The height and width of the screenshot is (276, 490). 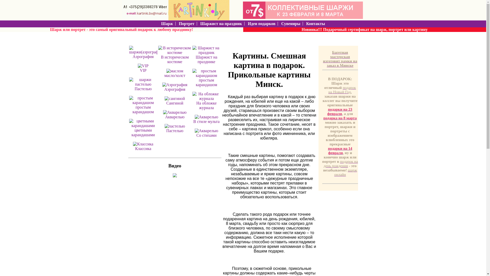 What do you see at coordinates (140, 70) in the screenshot?
I see `'VIP'` at bounding box center [140, 70].